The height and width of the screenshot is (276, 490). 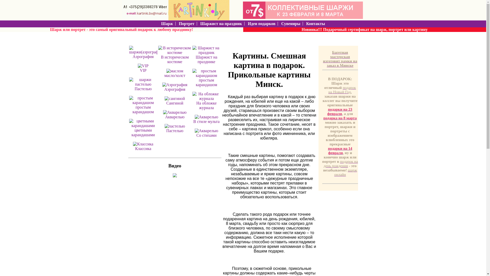 What do you see at coordinates (140, 70) in the screenshot?
I see `'VIP'` at bounding box center [140, 70].